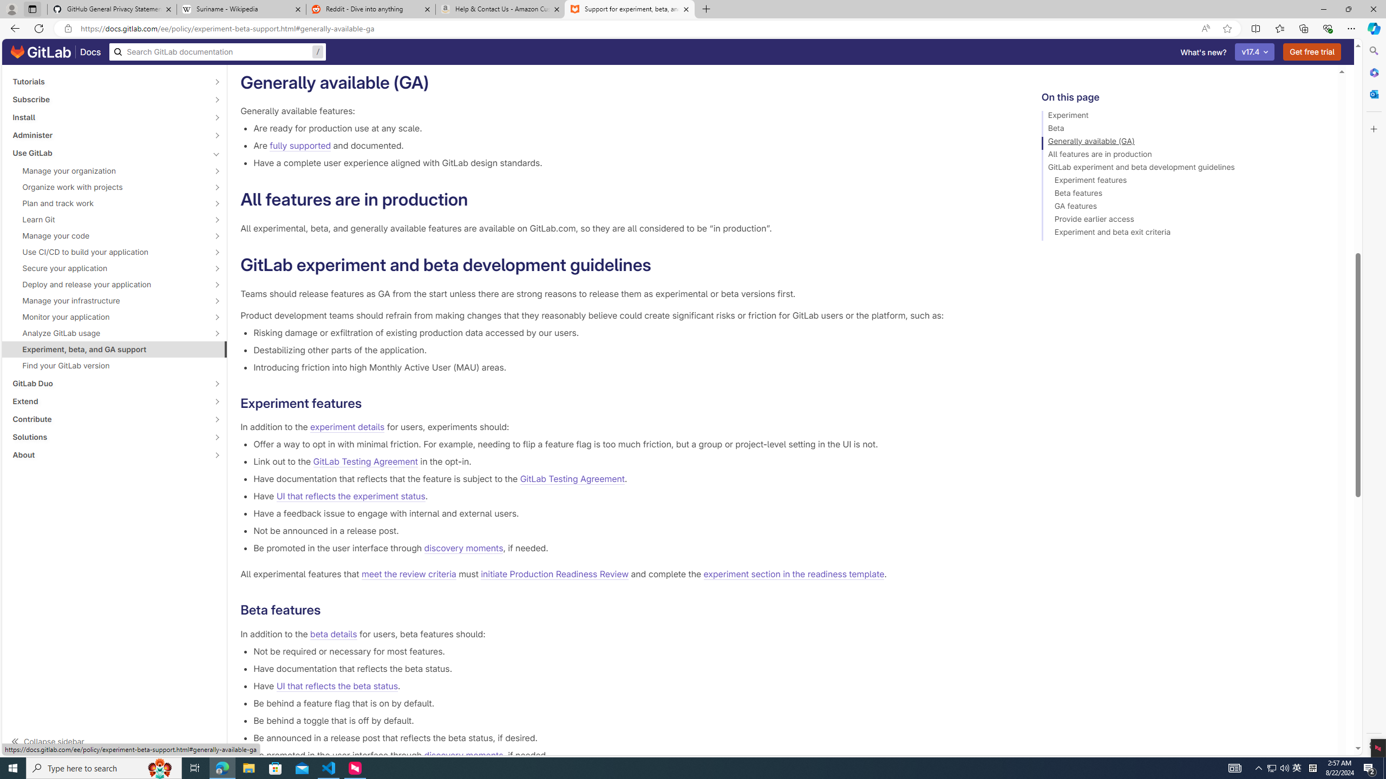 This screenshot has height=779, width=1386. I want to click on 'Subscribe', so click(108, 99).